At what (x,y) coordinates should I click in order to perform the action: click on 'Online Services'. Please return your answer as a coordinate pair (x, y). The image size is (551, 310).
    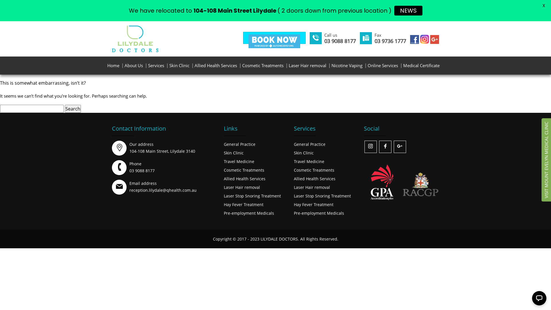
    Looking at the image, I should click on (383, 65).